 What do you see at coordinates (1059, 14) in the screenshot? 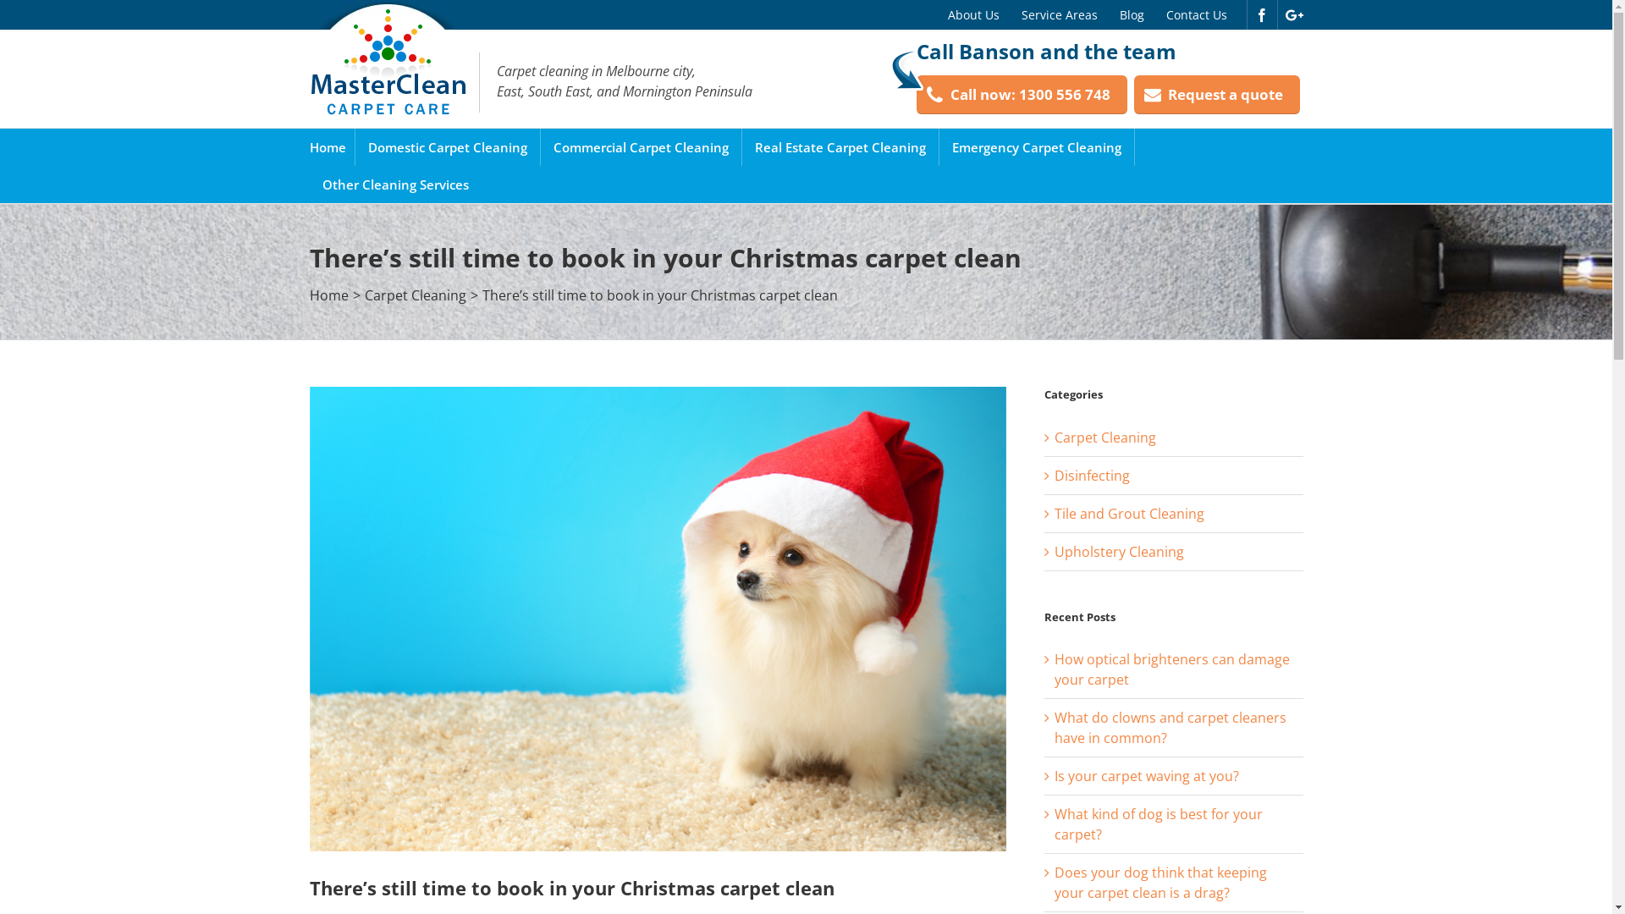
I see `'Service Areas'` at bounding box center [1059, 14].